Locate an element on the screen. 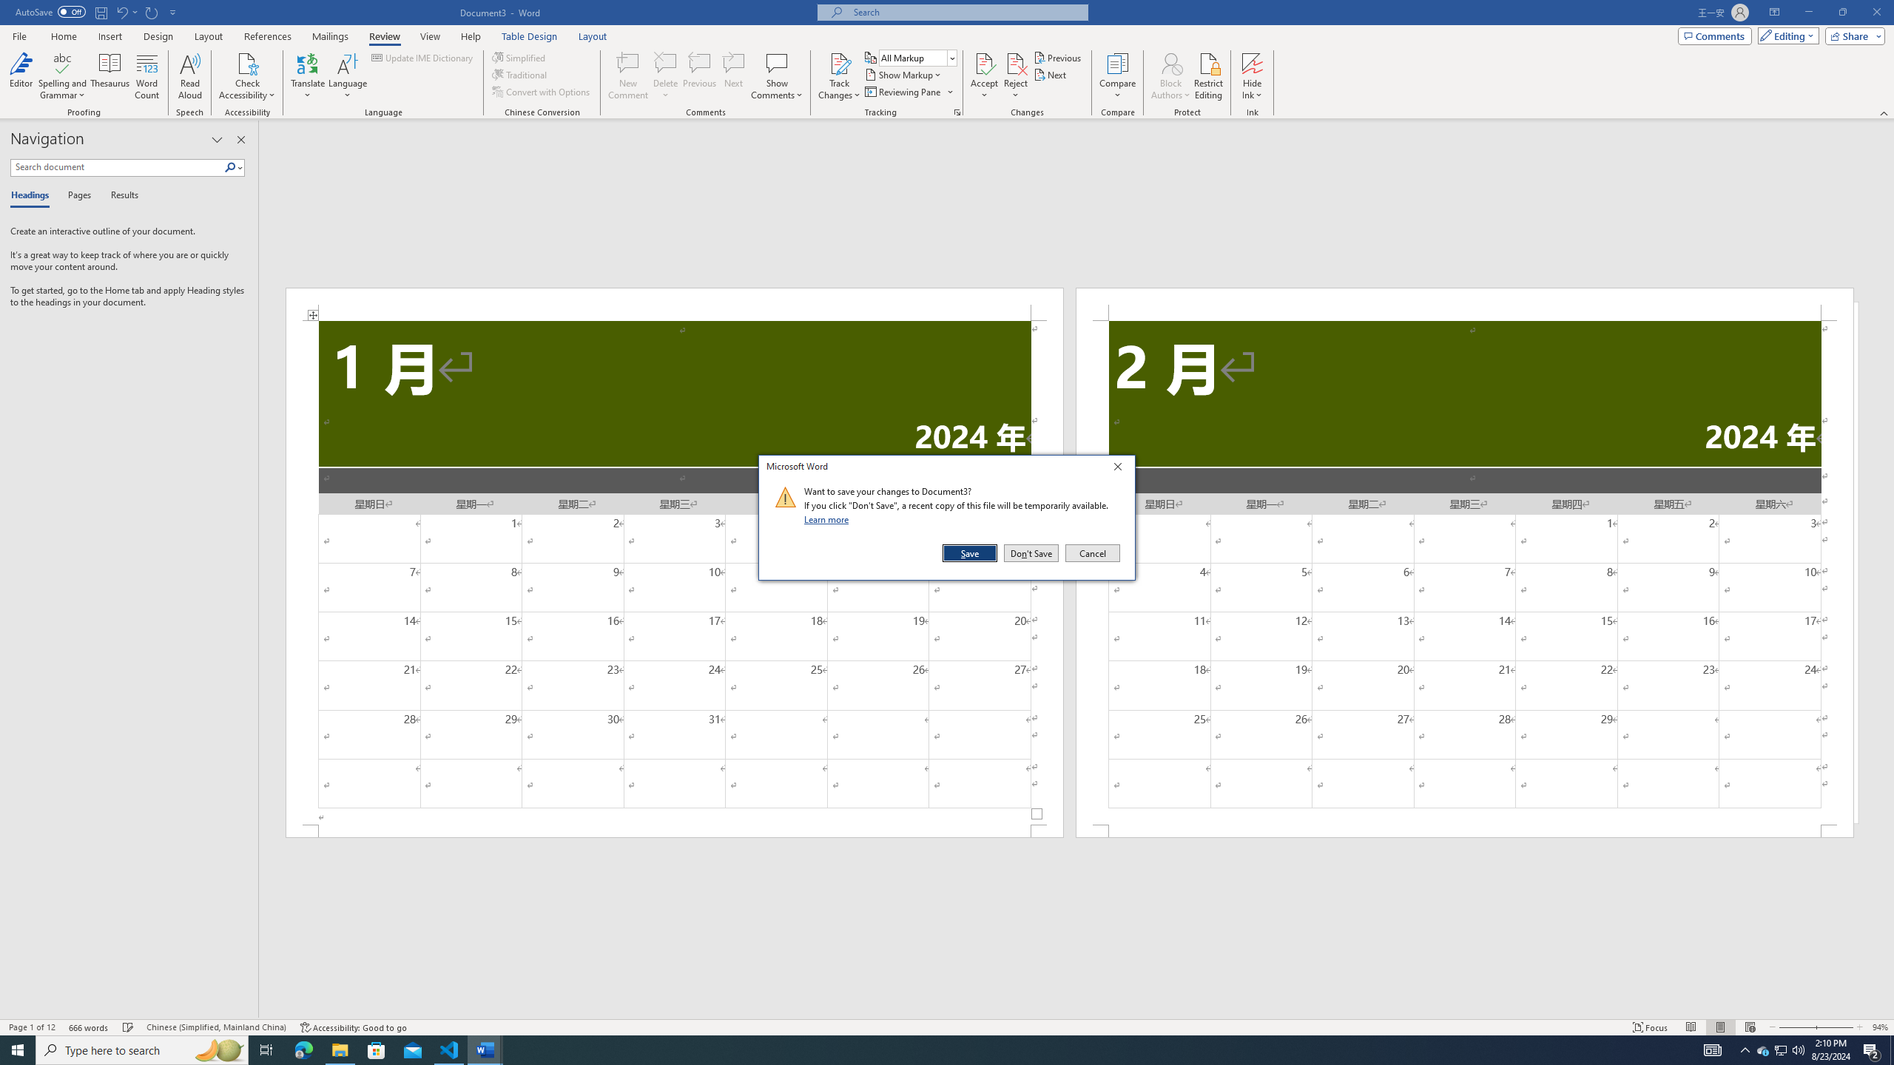 The width and height of the screenshot is (1894, 1065). 'Track Changes' is located at coordinates (838, 62).